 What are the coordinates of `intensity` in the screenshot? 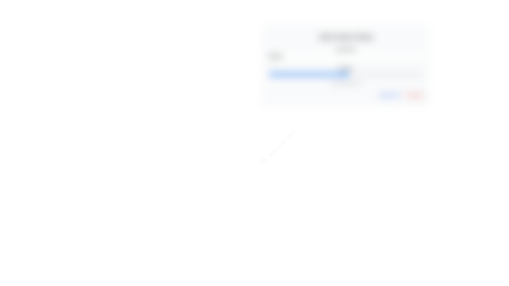 It's located at (415, 74).